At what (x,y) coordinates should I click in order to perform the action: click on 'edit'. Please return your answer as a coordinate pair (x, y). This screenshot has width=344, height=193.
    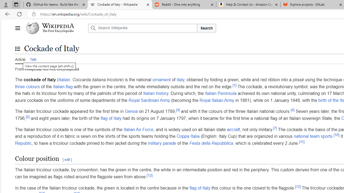
    Looking at the image, I should click on (67, 159).